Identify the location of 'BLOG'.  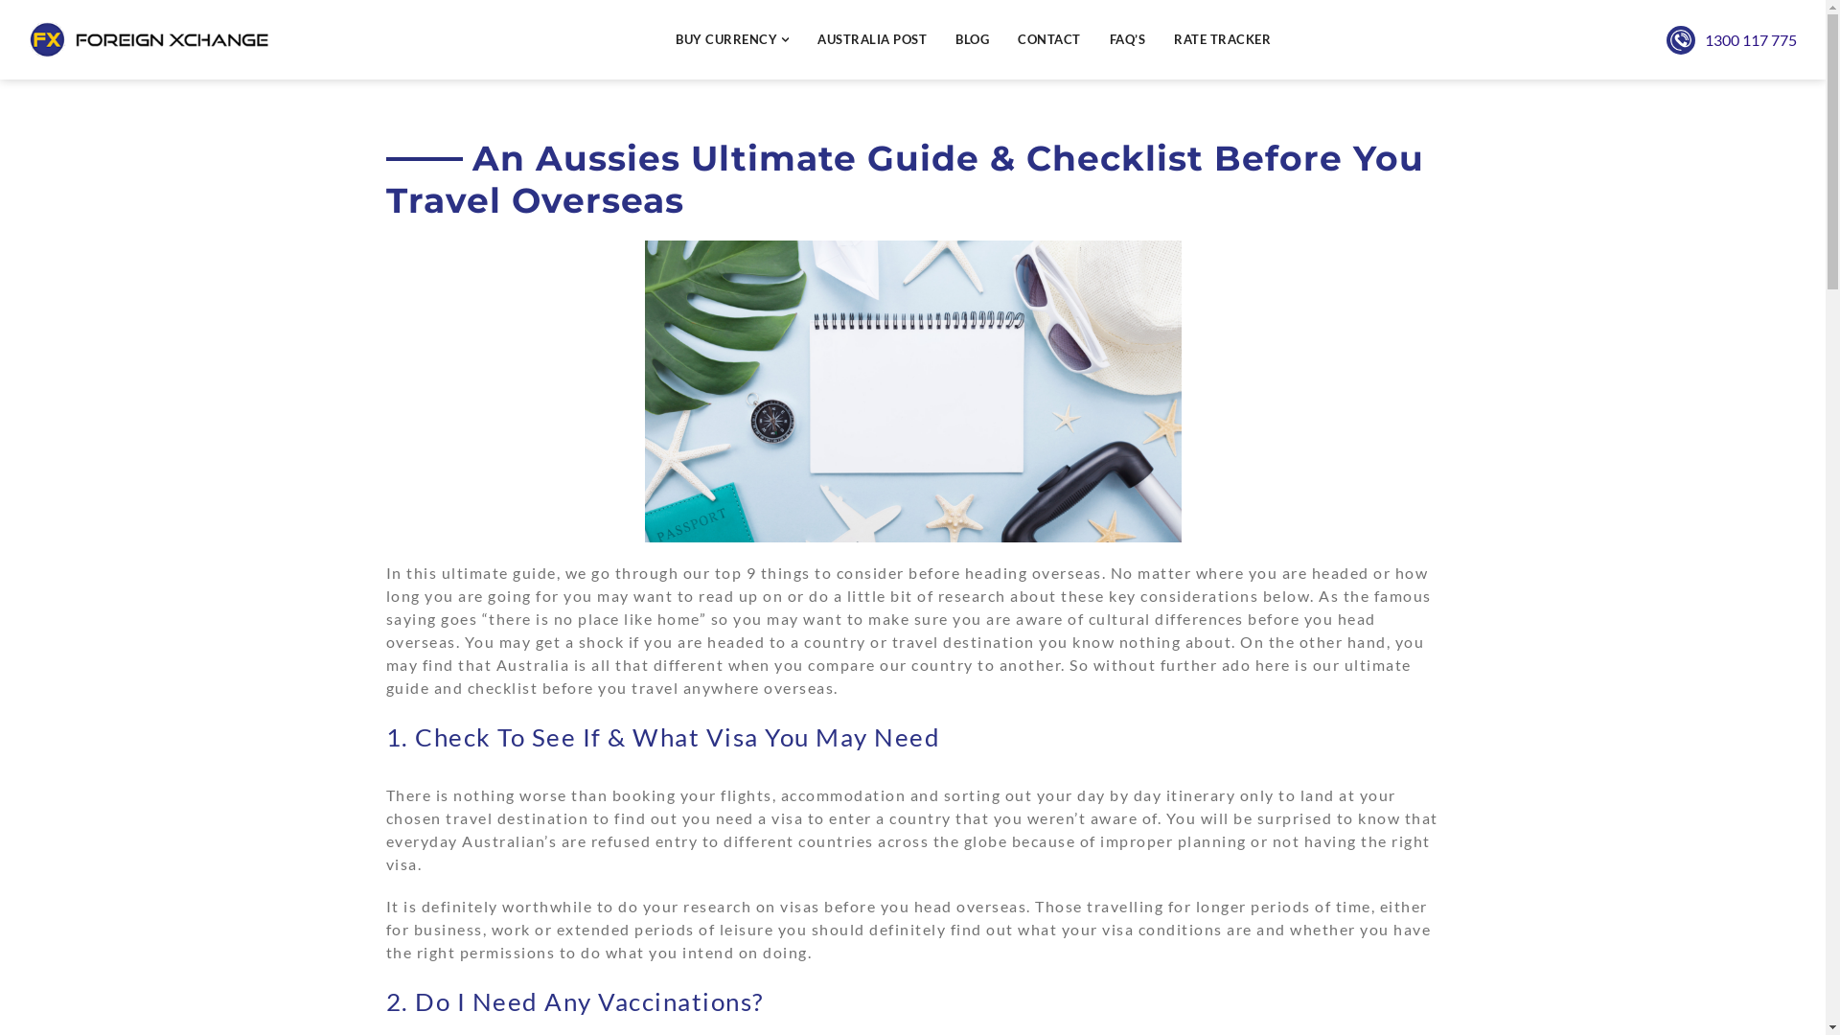
(972, 39).